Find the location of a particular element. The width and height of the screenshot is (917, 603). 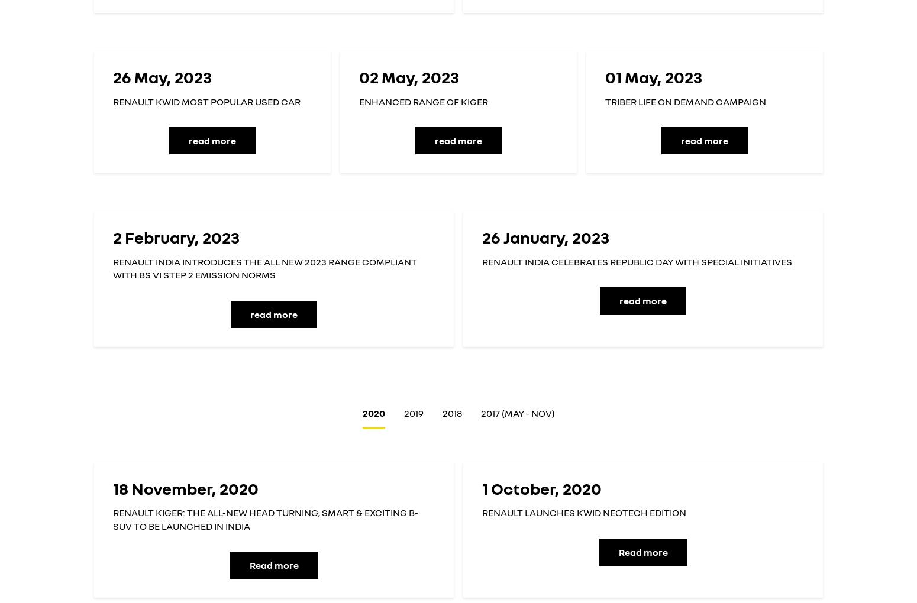

'RENAULT INDIA CELEBRATES REPUBLIC DAY WITH SPECIAL INITIATIVES' is located at coordinates (637, 261).